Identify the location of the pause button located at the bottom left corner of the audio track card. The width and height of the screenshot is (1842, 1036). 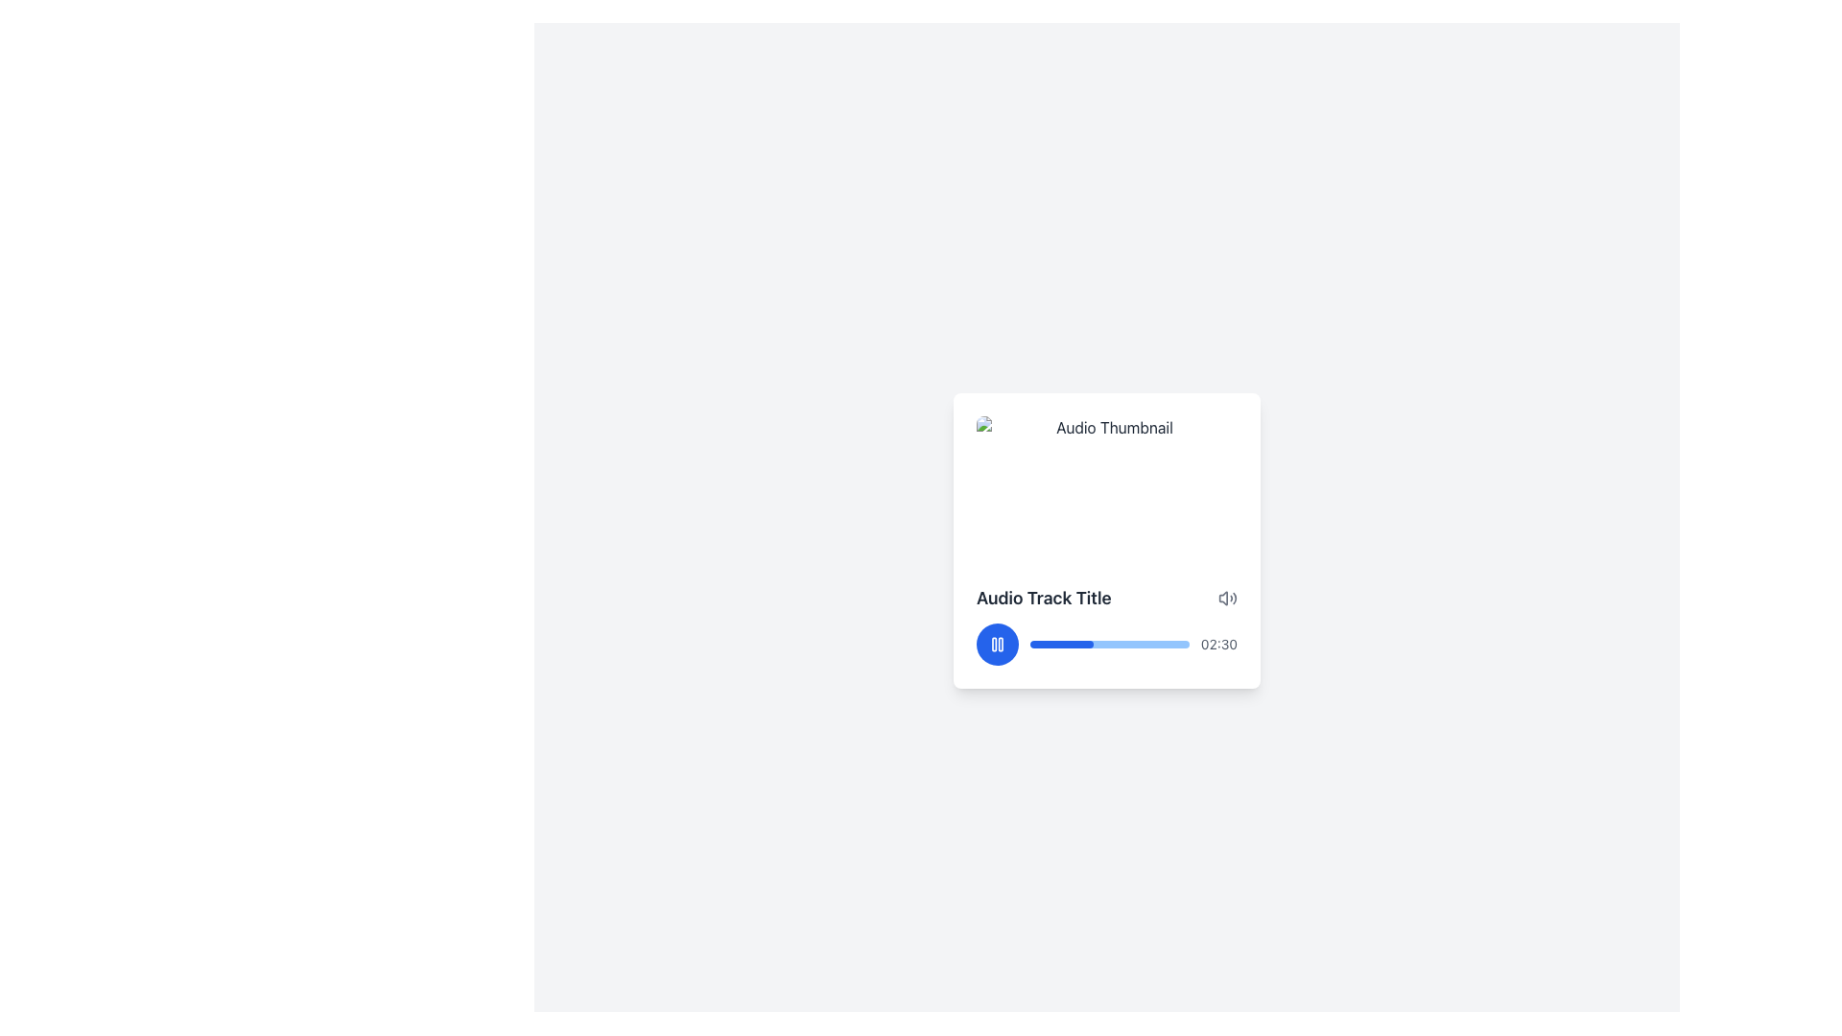
(998, 644).